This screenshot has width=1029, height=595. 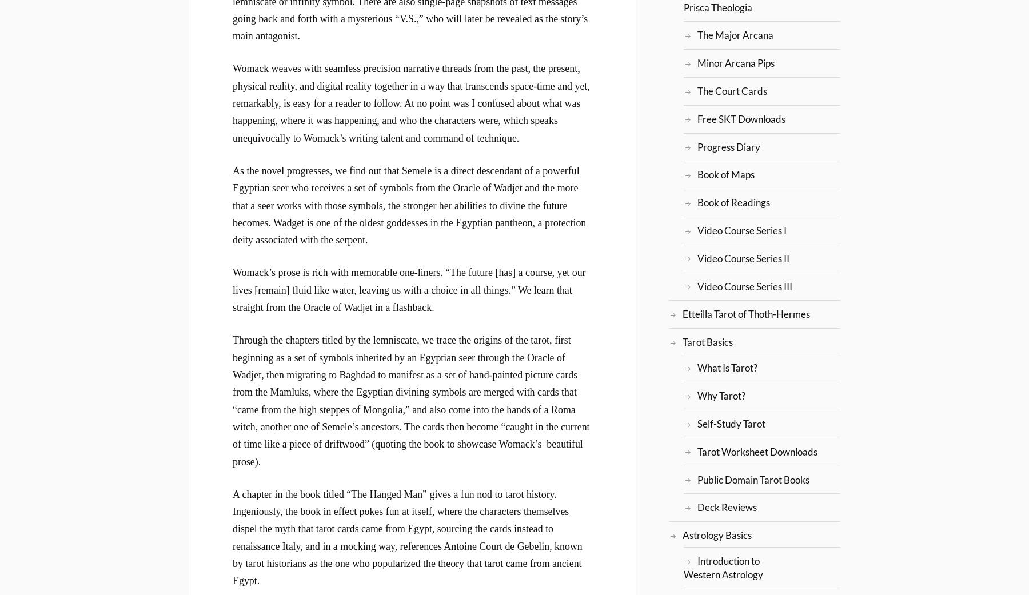 What do you see at coordinates (727, 367) in the screenshot?
I see `'What Is Tarot?'` at bounding box center [727, 367].